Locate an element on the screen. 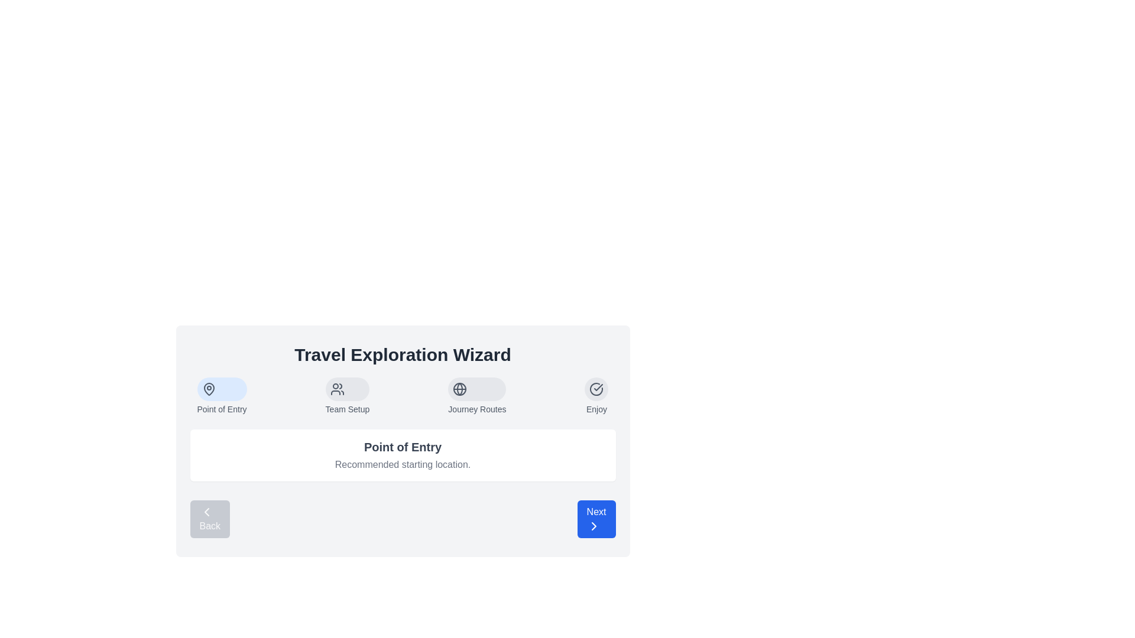 The width and height of the screenshot is (1135, 638). the Textual Card that provides information about the 'Point of Entry' step in the flow, located centrally below the step indicators and above the navigation buttons is located at coordinates (403, 455).